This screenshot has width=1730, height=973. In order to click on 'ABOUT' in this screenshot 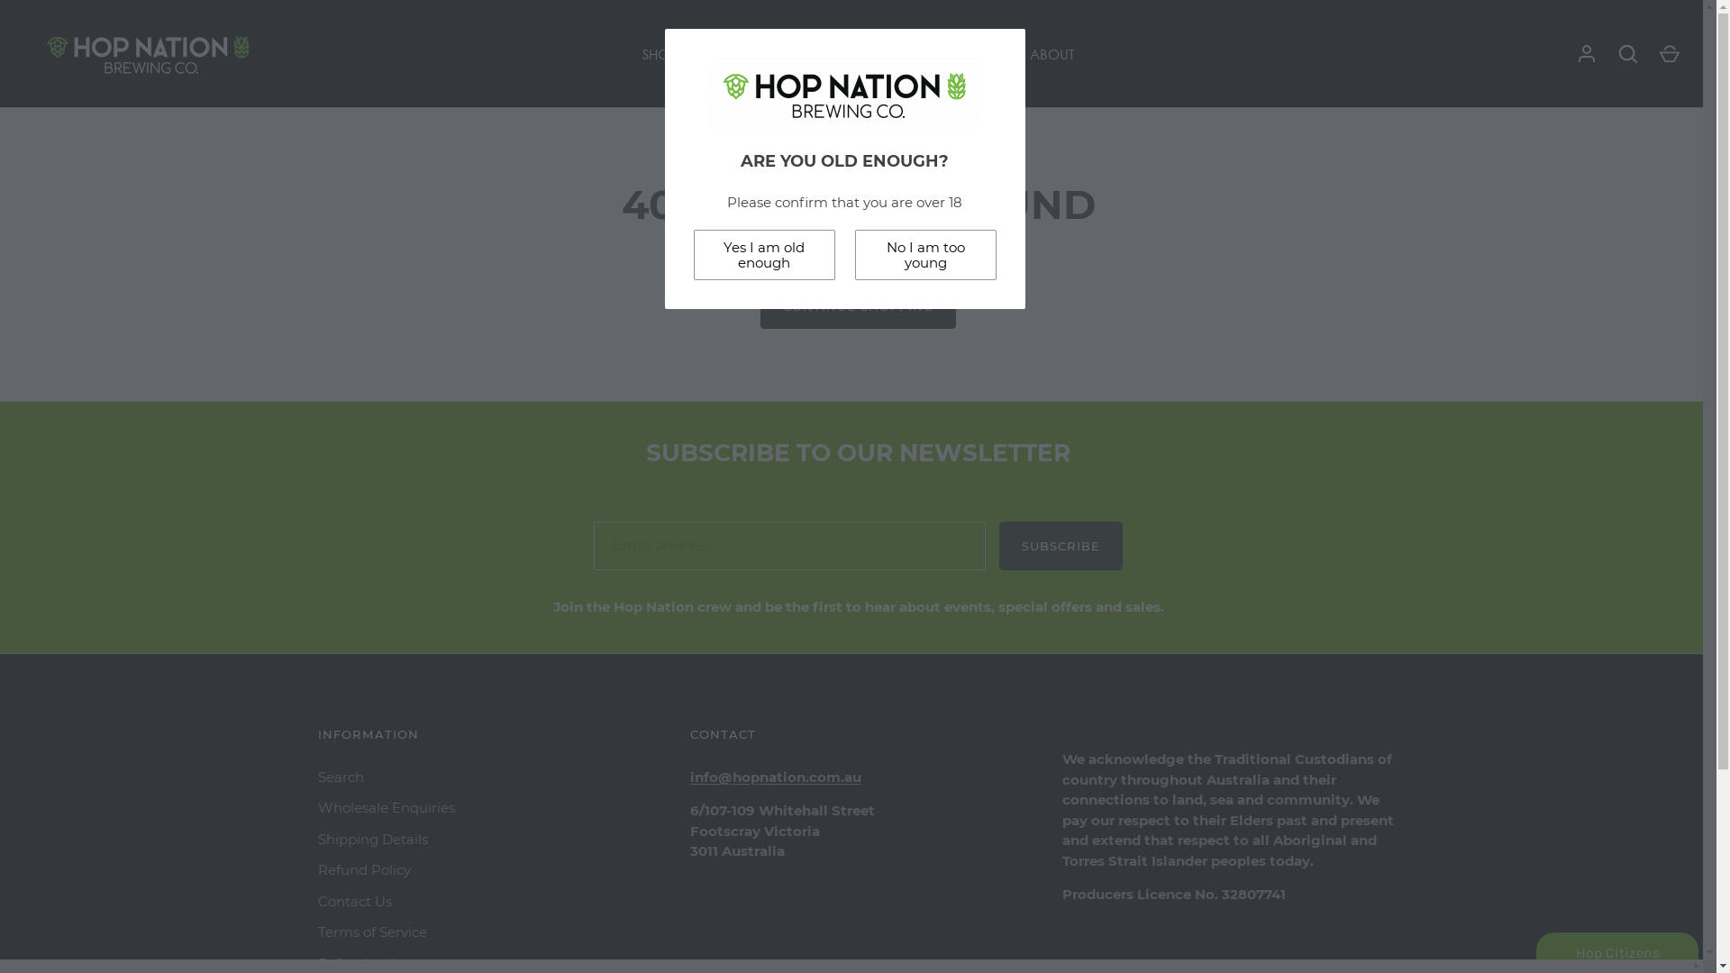, I will do `click(1051, 53)`.